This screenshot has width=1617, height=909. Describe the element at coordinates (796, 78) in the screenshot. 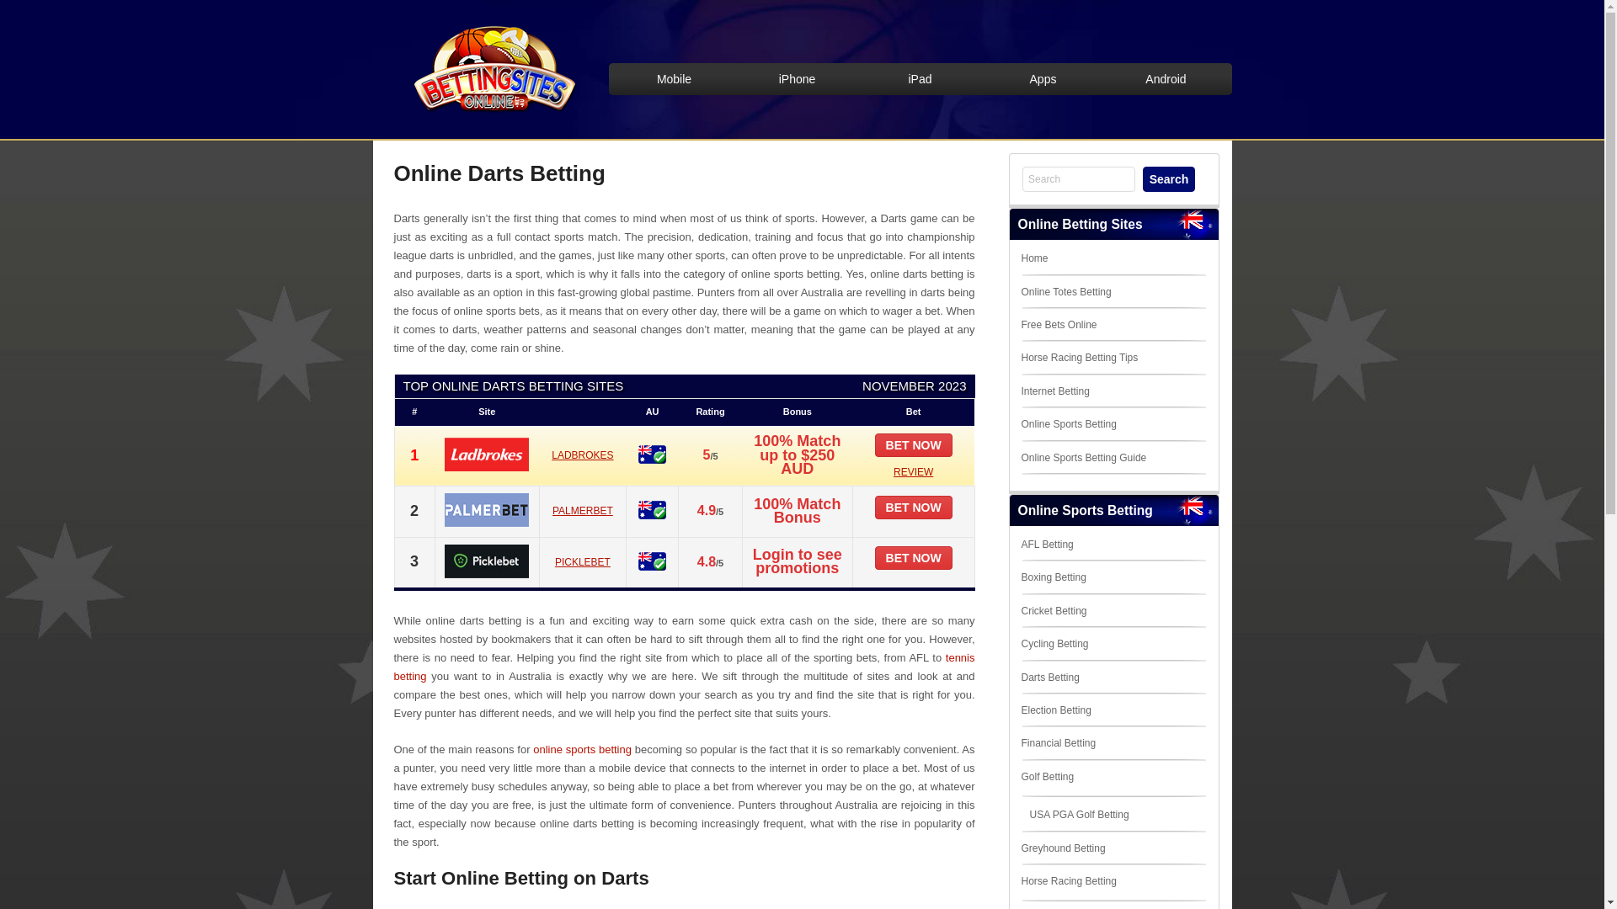

I see `'iPhone'` at that location.